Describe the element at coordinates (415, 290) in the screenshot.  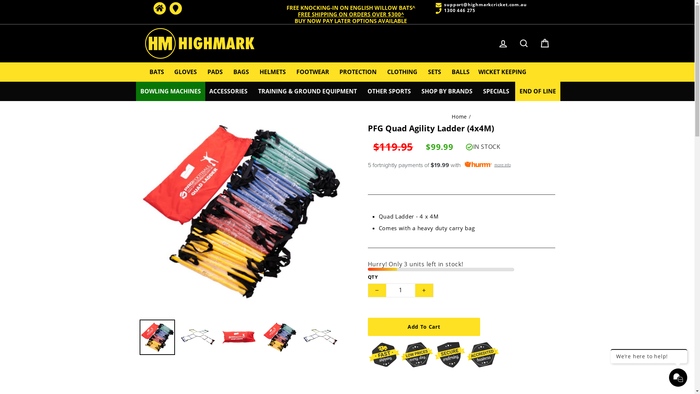
I see `'+'` at that location.